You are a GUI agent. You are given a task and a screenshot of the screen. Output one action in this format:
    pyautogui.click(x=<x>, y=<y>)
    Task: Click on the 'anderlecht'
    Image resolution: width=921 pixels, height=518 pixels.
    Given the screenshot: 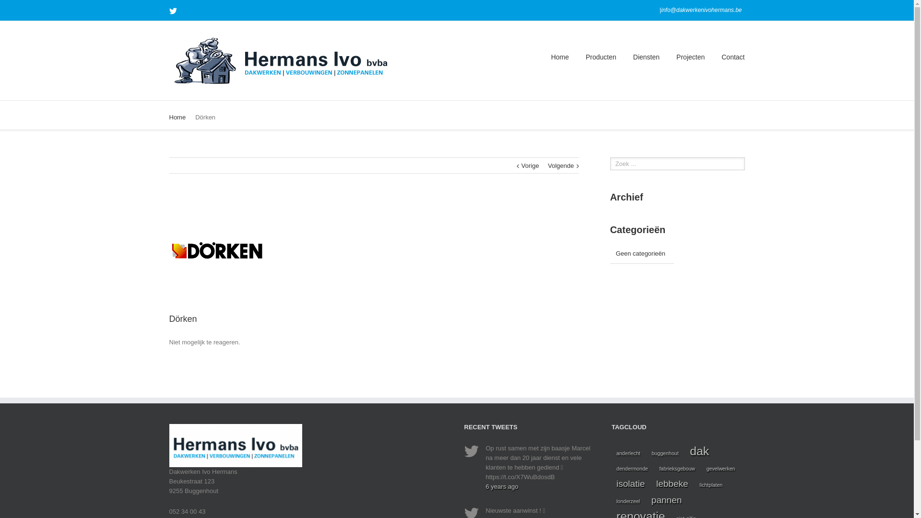 What is the action you would take?
    pyautogui.click(x=628, y=453)
    